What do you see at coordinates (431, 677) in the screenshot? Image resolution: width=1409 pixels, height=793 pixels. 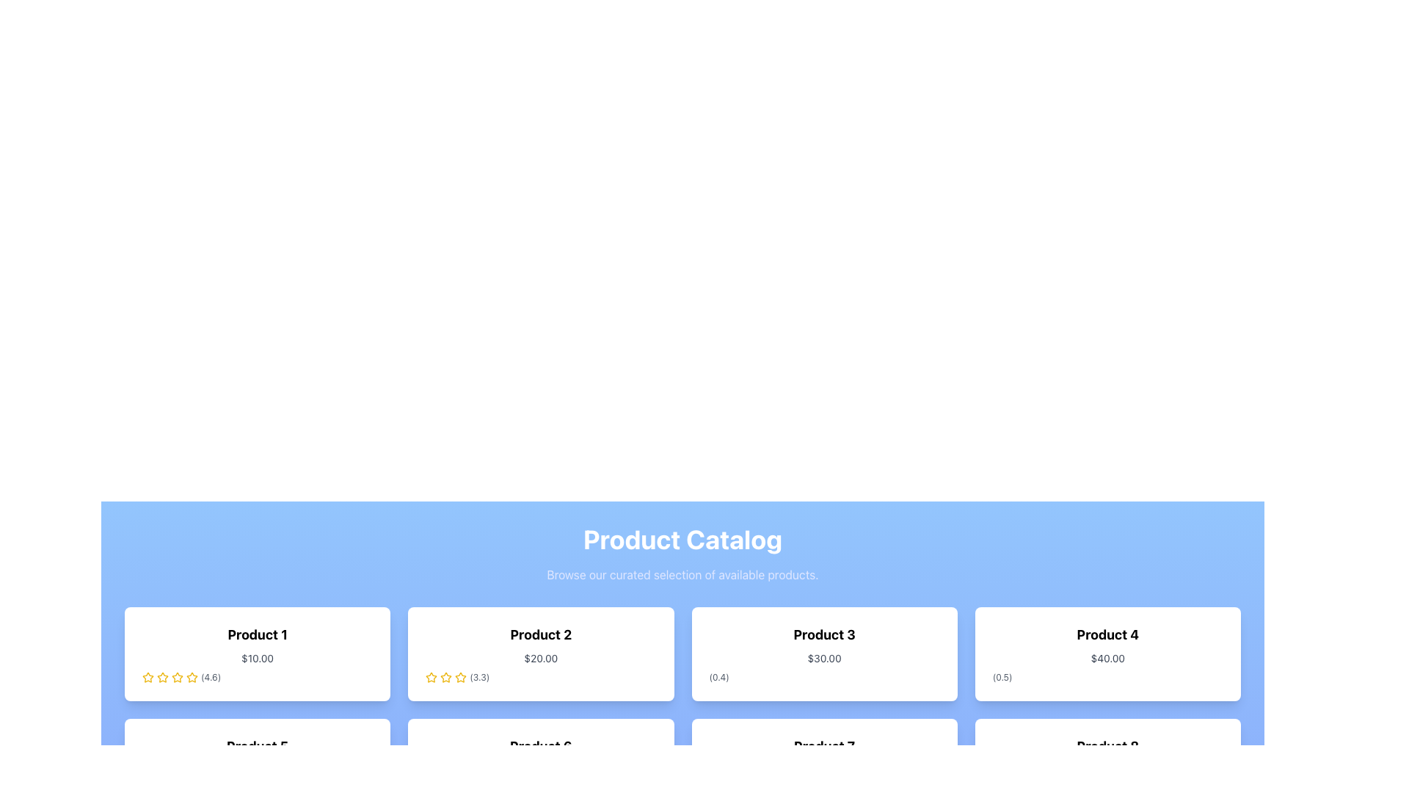 I see `the star icon in the star-based rating system for 'Product 2'` at bounding box center [431, 677].